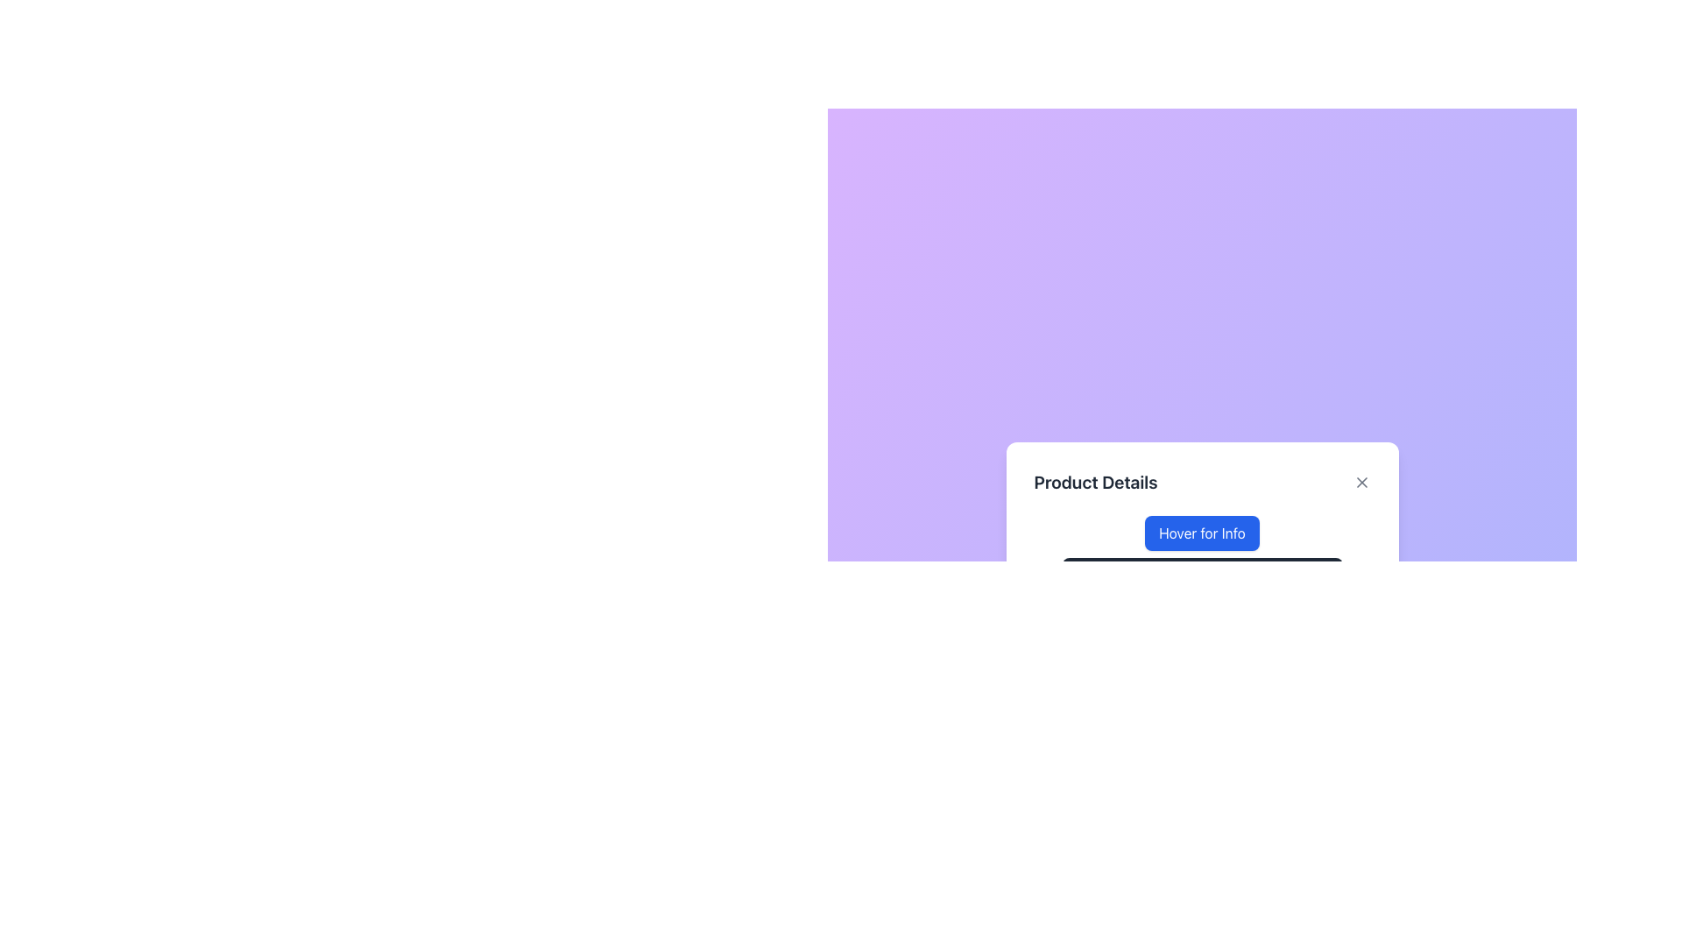 Image resolution: width=1682 pixels, height=946 pixels. I want to click on the Close Icon located in the top-right corner of the 'Product Details' card, so click(1360, 483).